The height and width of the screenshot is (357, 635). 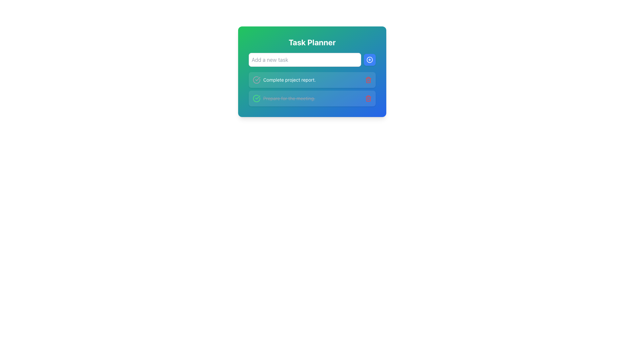 What do you see at coordinates (312, 80) in the screenshot?
I see `the 'Complete project report.' text within the first task item in the task planner interface` at bounding box center [312, 80].